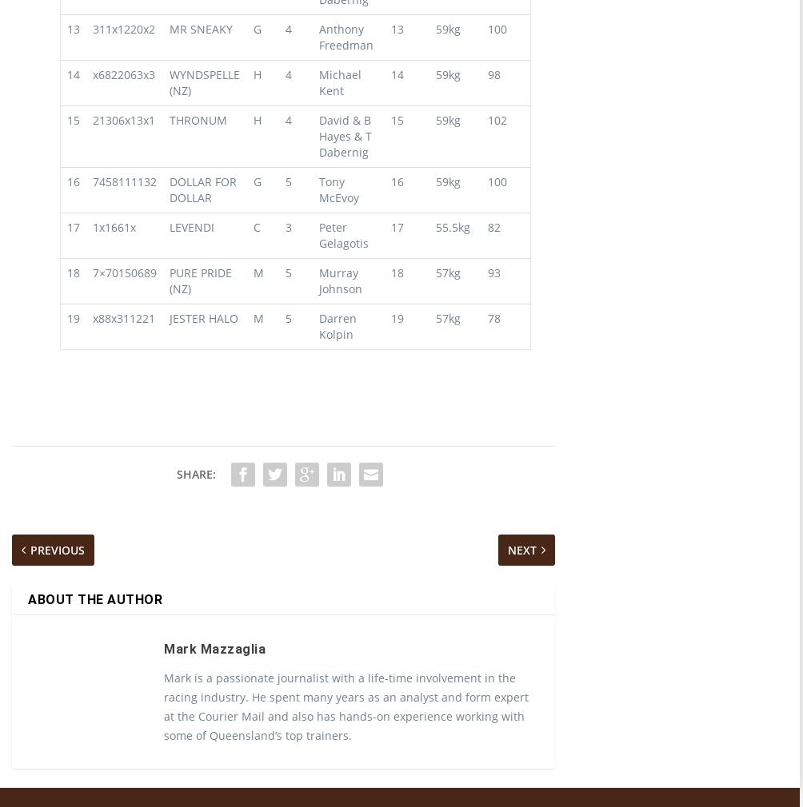 The width and height of the screenshot is (803, 807). What do you see at coordinates (488, 254) in the screenshot?
I see `'82'` at bounding box center [488, 254].